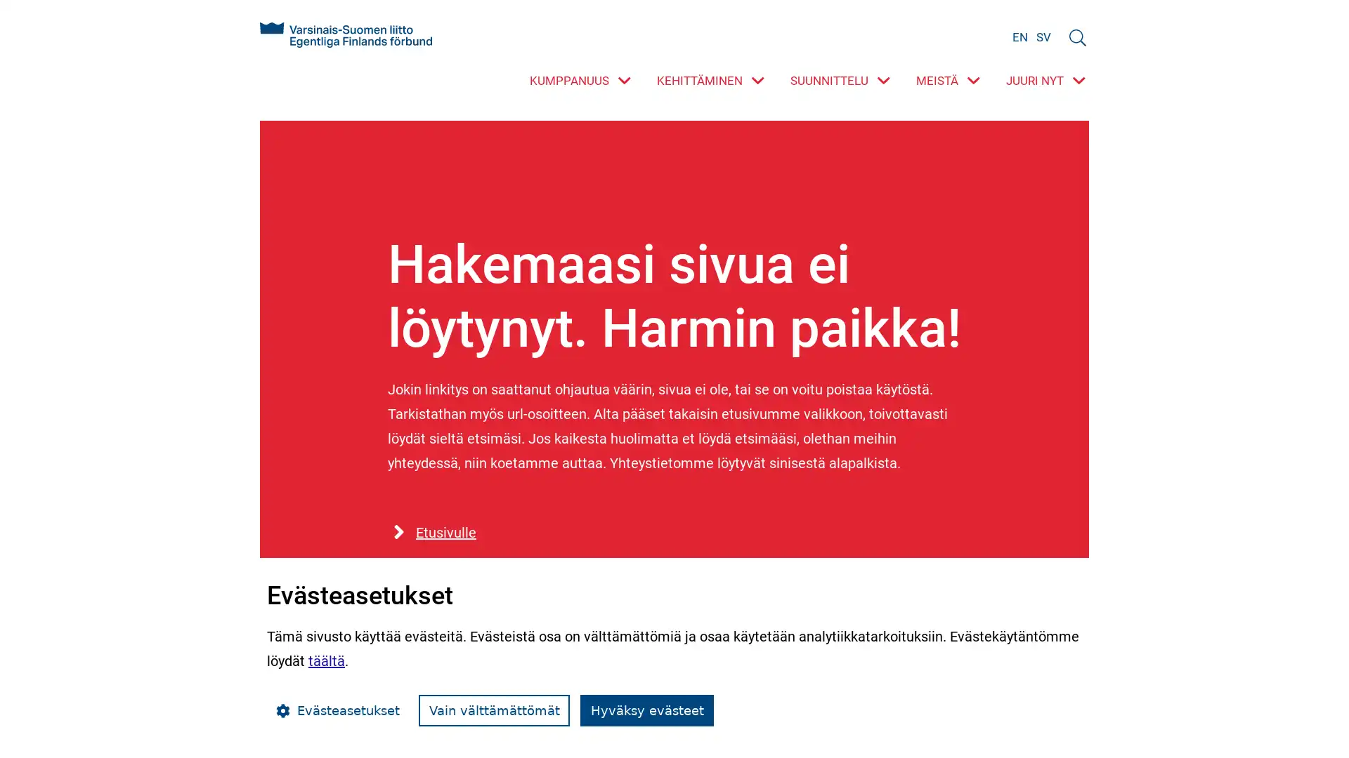  What do you see at coordinates (646, 710) in the screenshot?
I see `Hyvaksy evasteet` at bounding box center [646, 710].